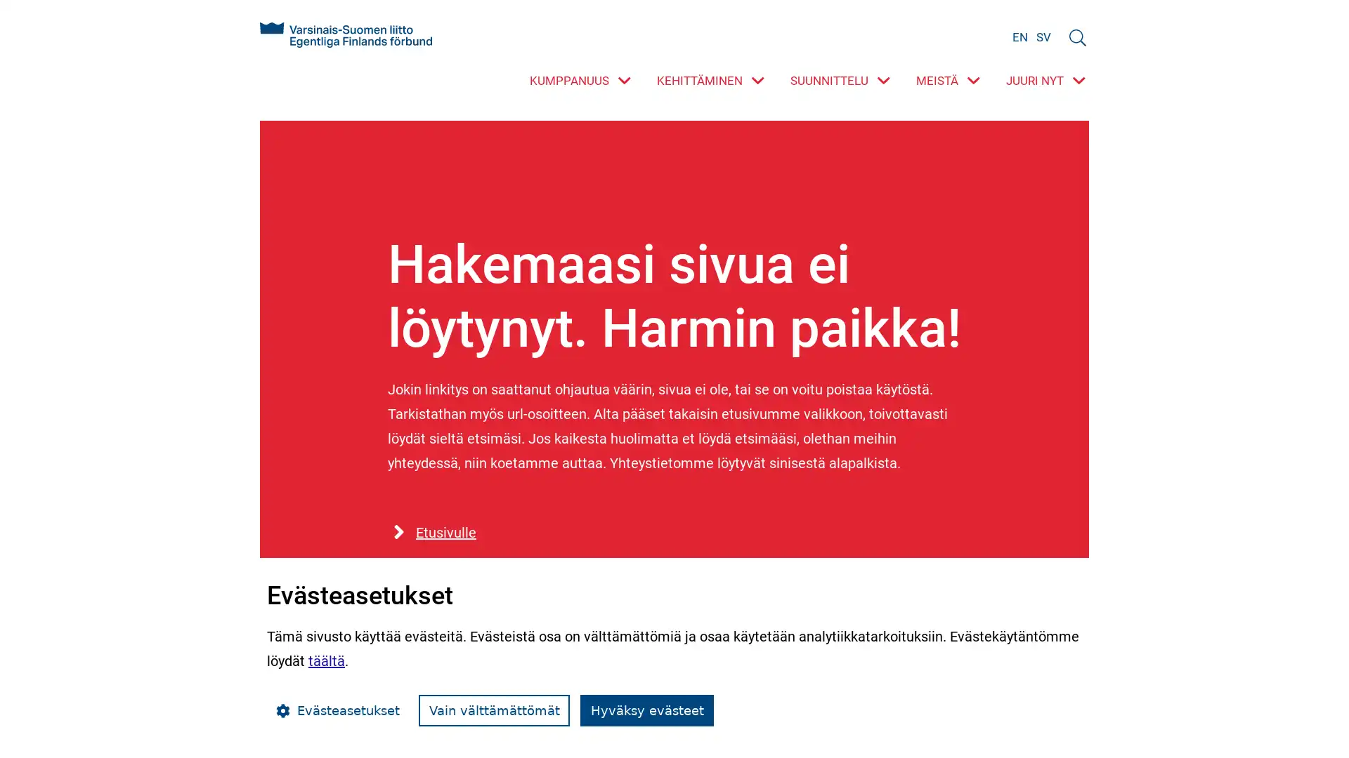  What do you see at coordinates (646, 710) in the screenshot?
I see `Hyvaksy evasteet` at bounding box center [646, 710].